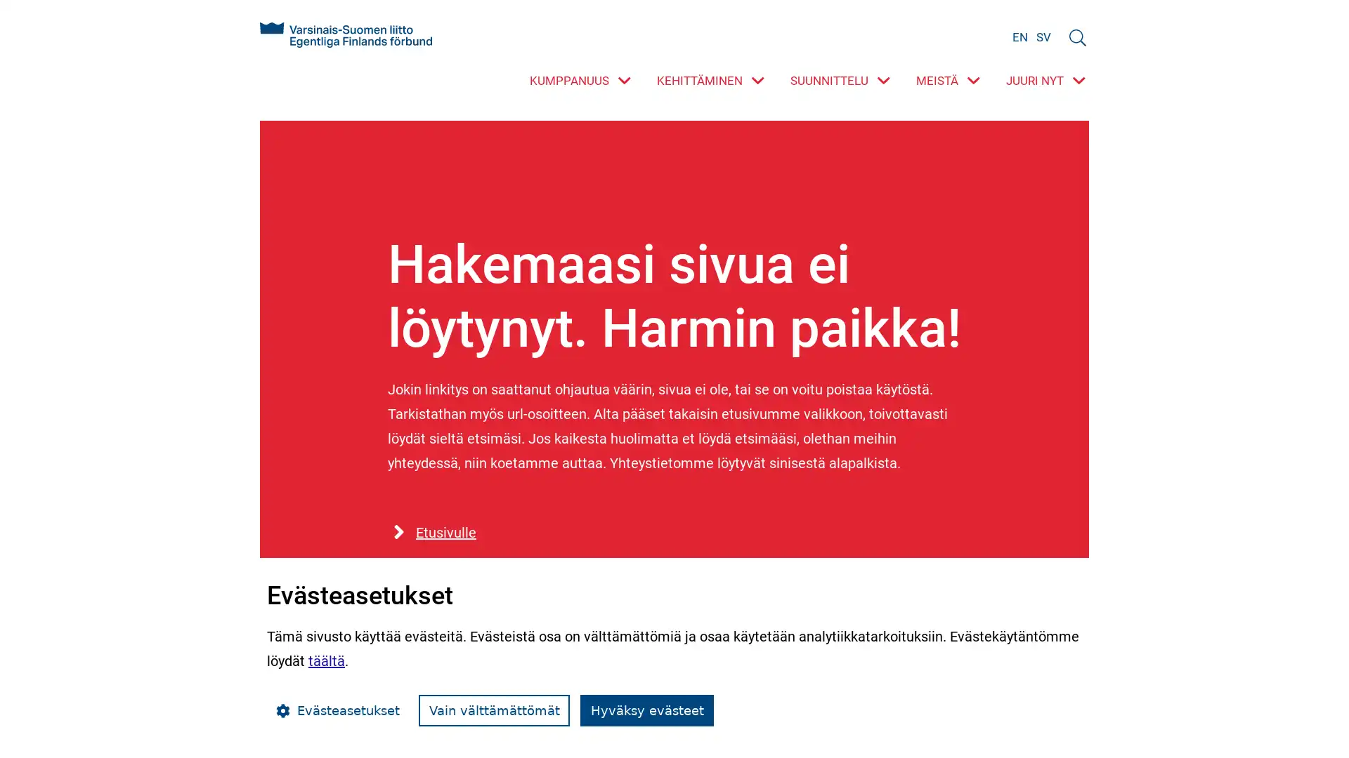  What do you see at coordinates (646, 710) in the screenshot?
I see `Hyvaksy evasteet` at bounding box center [646, 710].